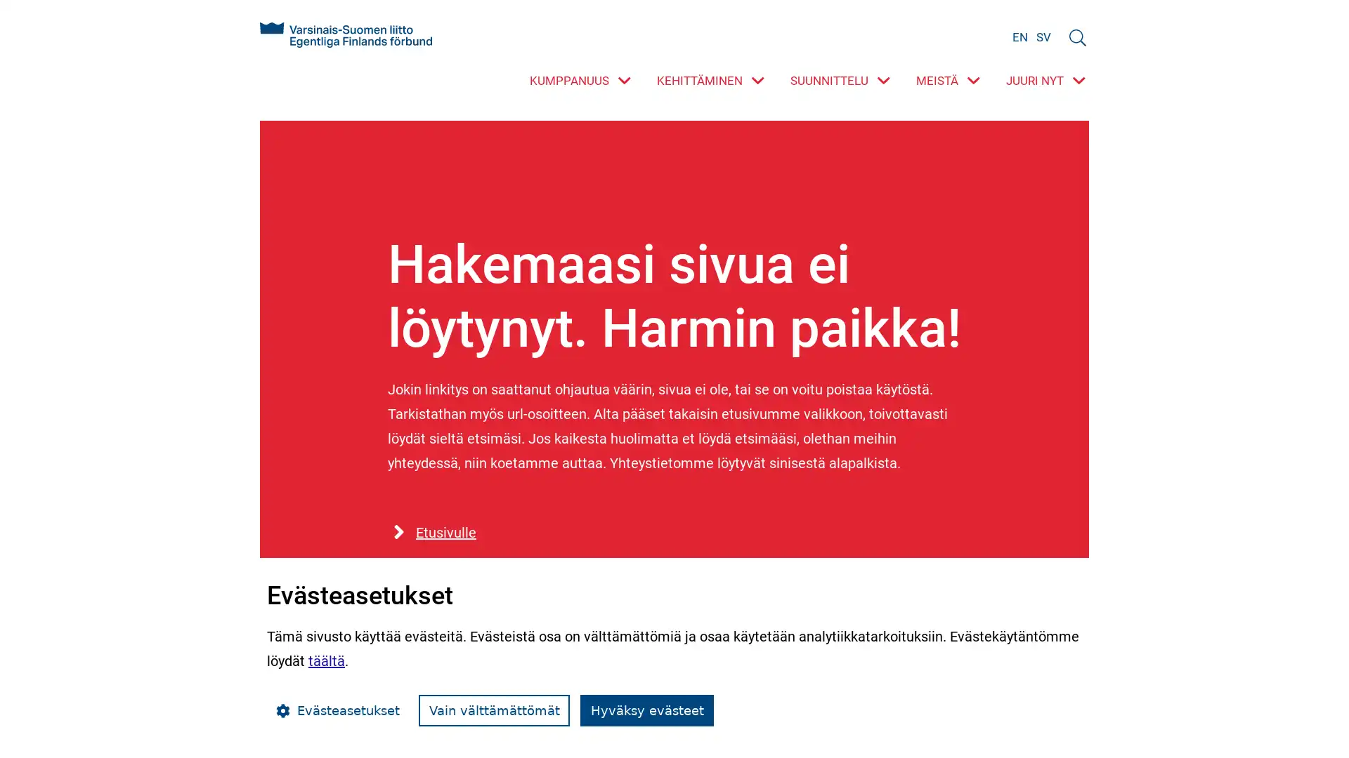  What do you see at coordinates (646, 710) in the screenshot?
I see `Hyvaksy evasteet` at bounding box center [646, 710].